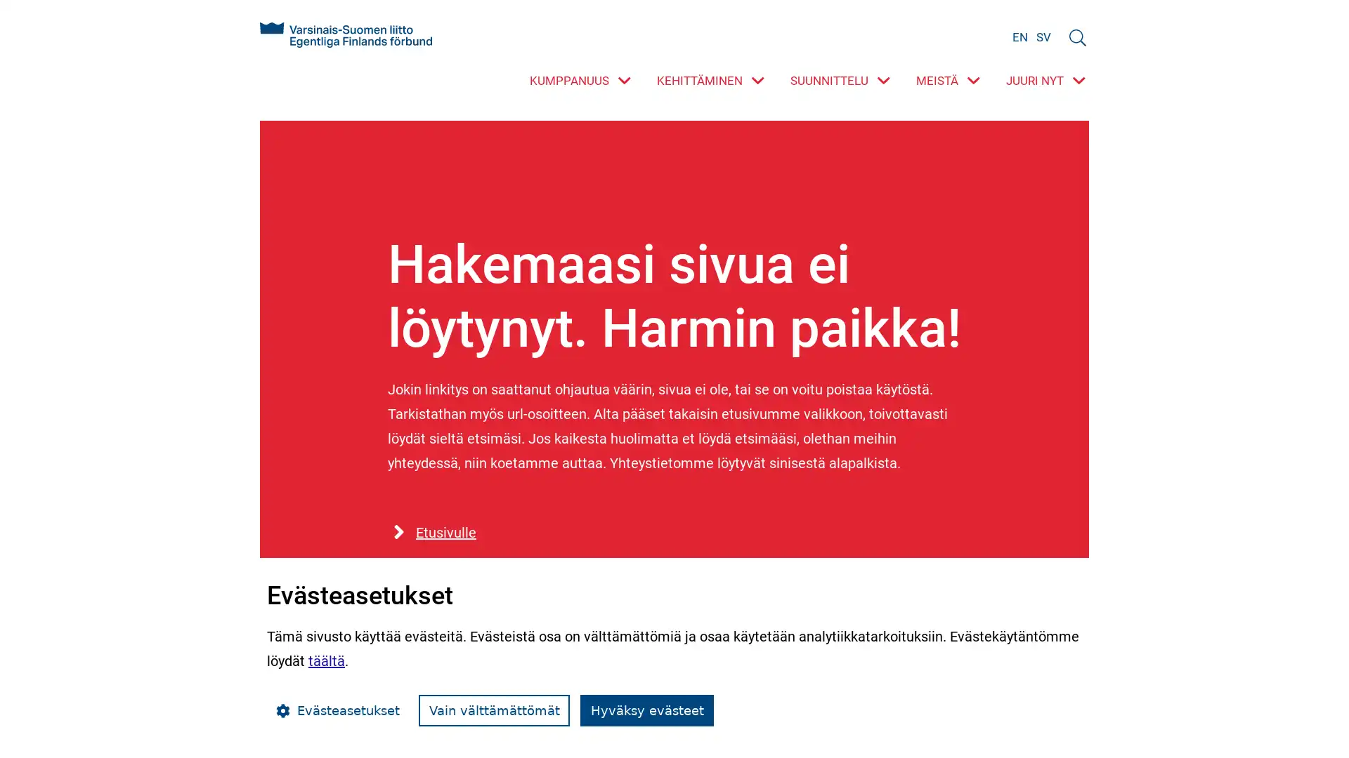  What do you see at coordinates (646, 710) in the screenshot?
I see `Hyvaksy evasteet` at bounding box center [646, 710].